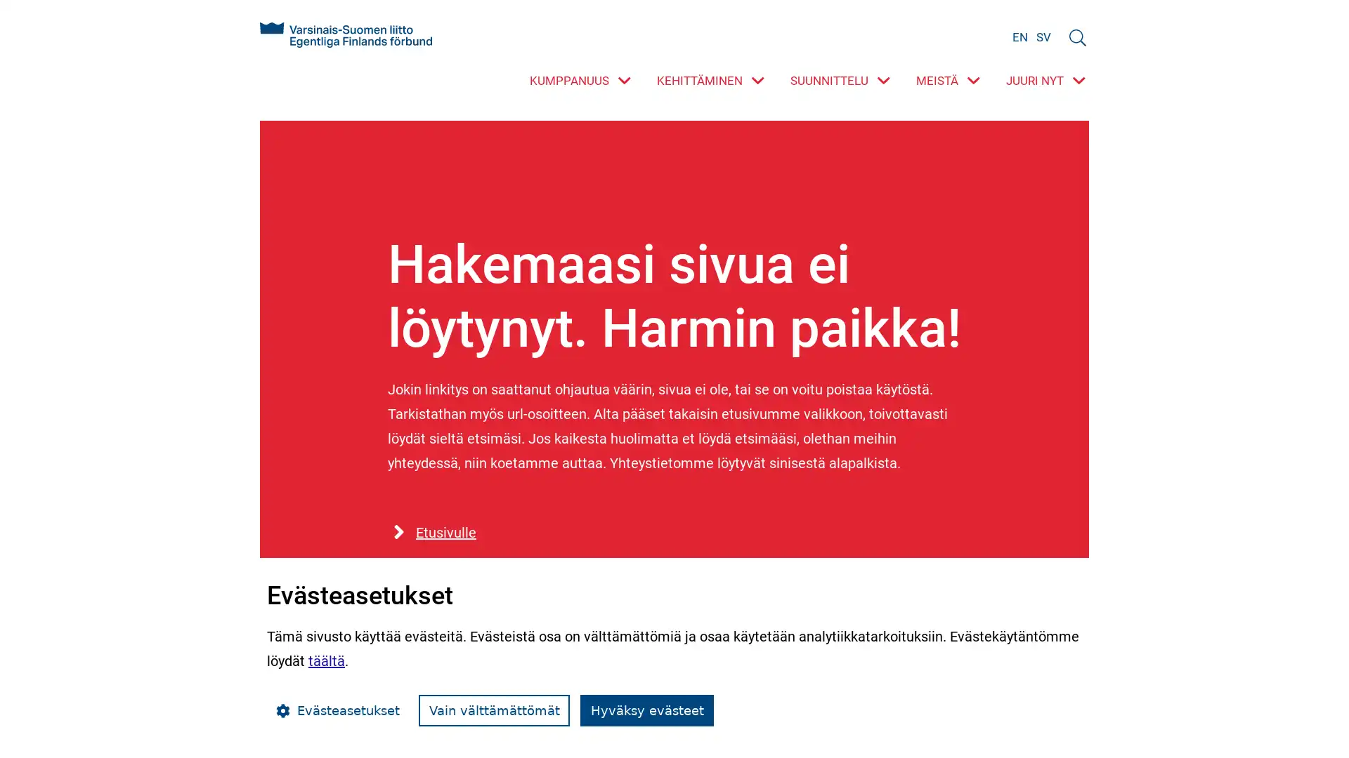  What do you see at coordinates (646, 710) in the screenshot?
I see `Hyvaksy evasteet` at bounding box center [646, 710].